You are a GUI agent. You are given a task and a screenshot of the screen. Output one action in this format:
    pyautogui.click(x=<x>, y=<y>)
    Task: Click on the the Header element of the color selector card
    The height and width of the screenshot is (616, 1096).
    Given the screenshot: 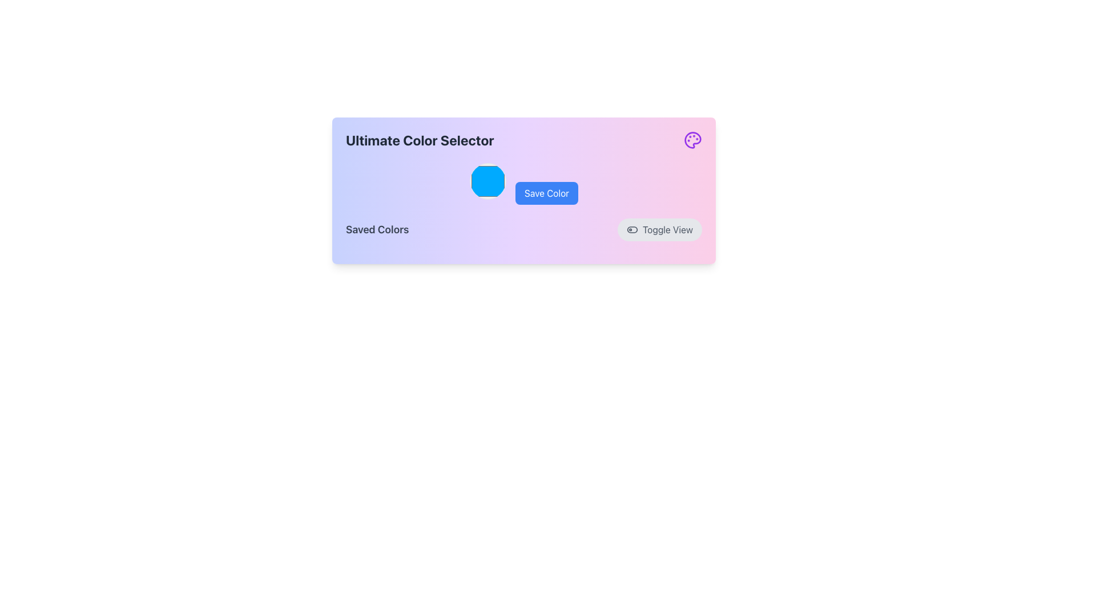 What is the action you would take?
    pyautogui.click(x=523, y=140)
    